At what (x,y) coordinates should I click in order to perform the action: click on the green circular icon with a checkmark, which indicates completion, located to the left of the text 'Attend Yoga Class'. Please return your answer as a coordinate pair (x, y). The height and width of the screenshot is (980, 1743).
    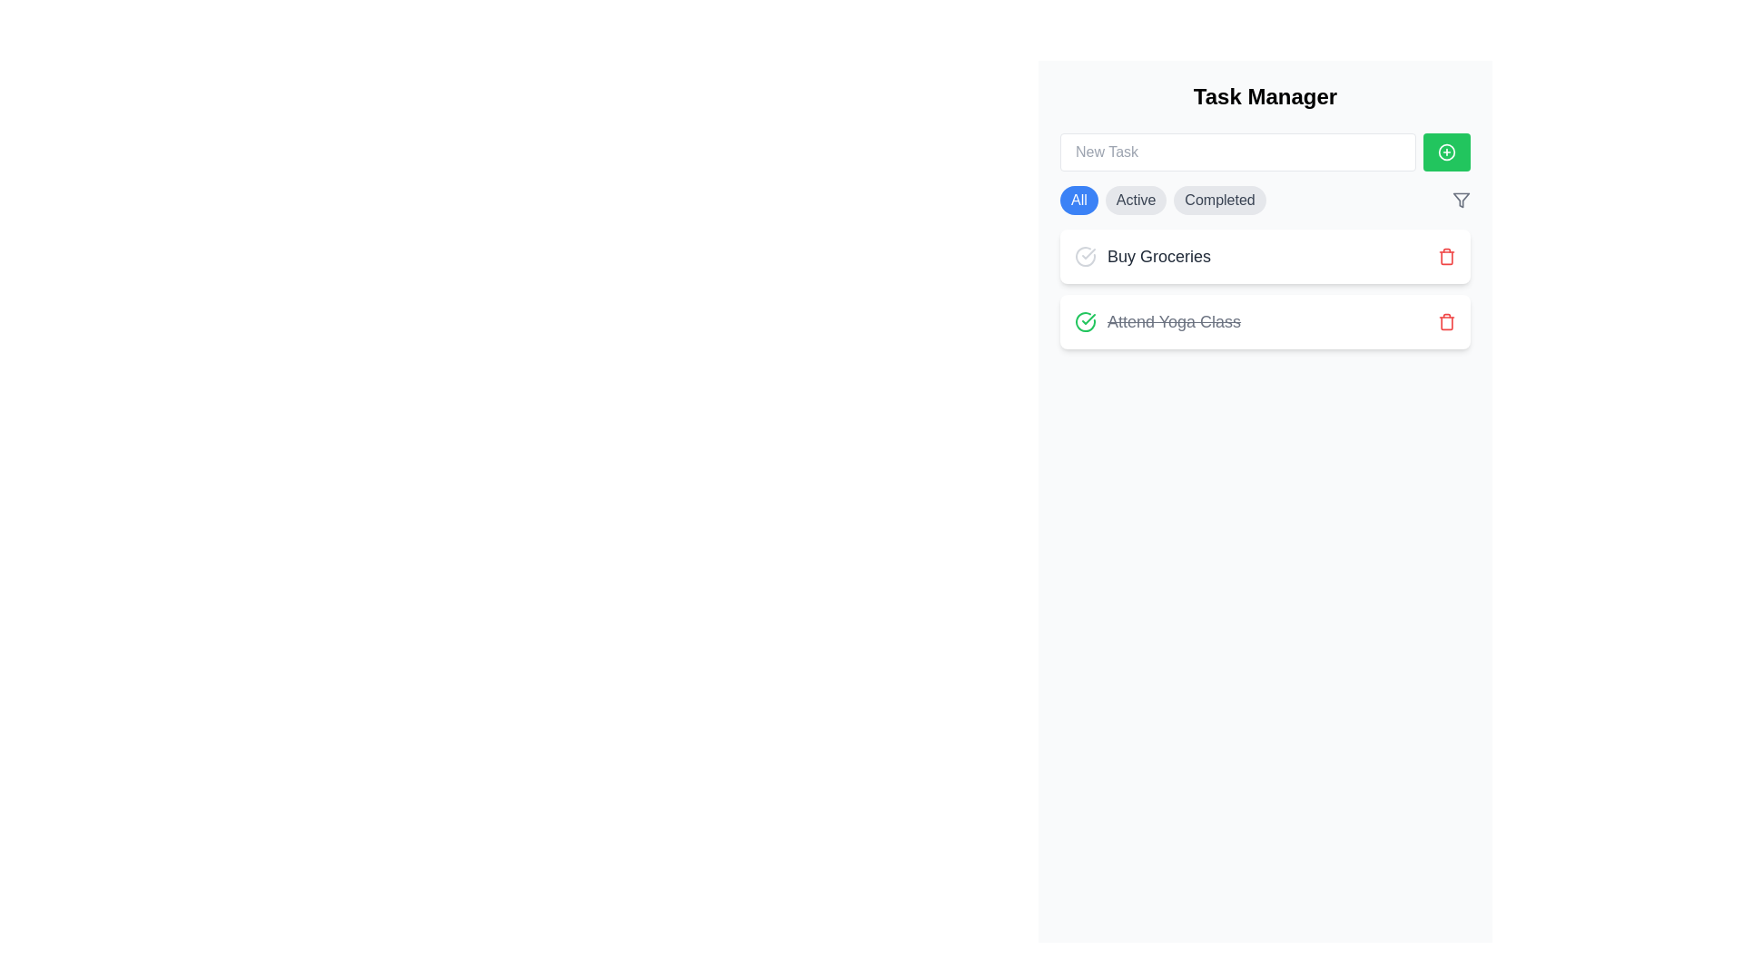
    Looking at the image, I should click on (1085, 320).